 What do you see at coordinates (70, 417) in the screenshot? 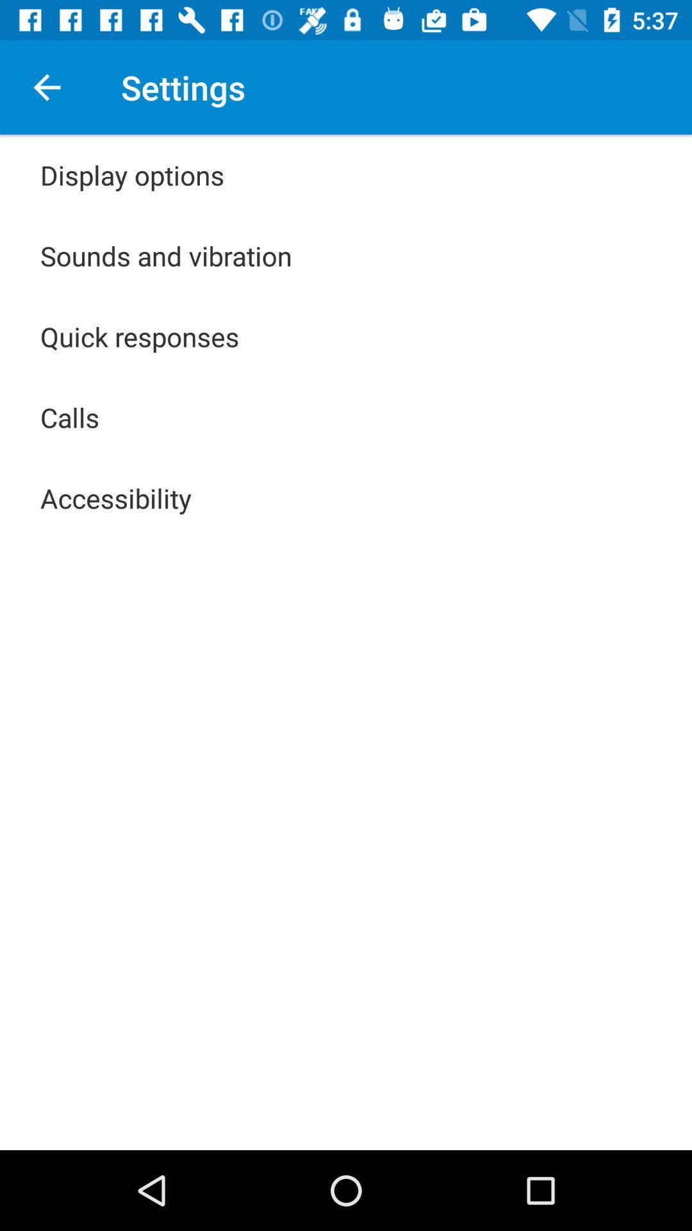
I see `item above the accessibility app` at bounding box center [70, 417].